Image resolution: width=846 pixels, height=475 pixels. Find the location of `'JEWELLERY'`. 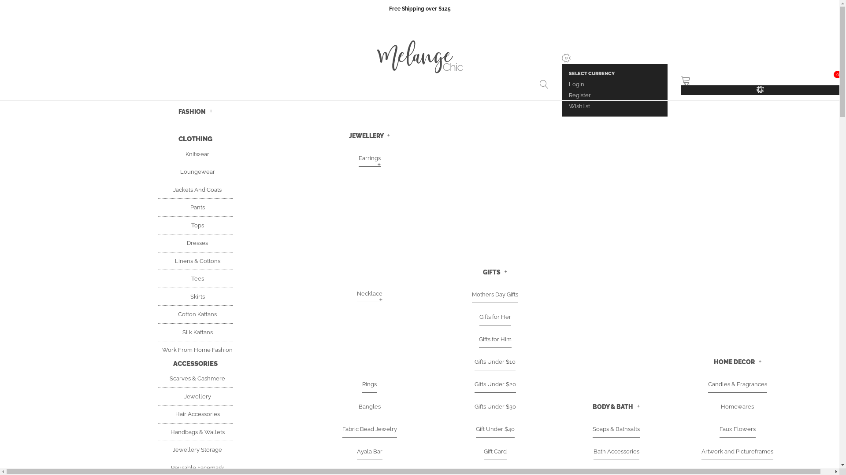

'JEWELLERY' is located at coordinates (369, 135).